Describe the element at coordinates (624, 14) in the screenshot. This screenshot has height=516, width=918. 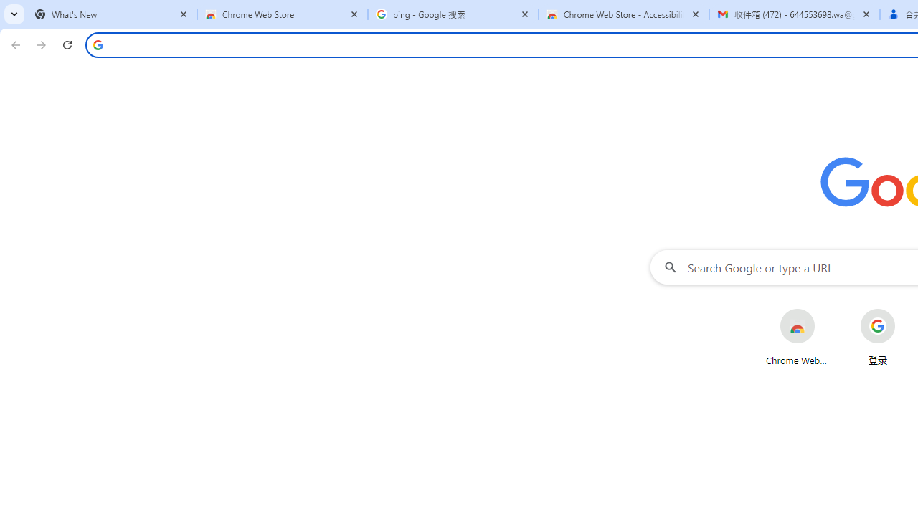
I see `'Chrome Web Store - Accessibility'` at that location.